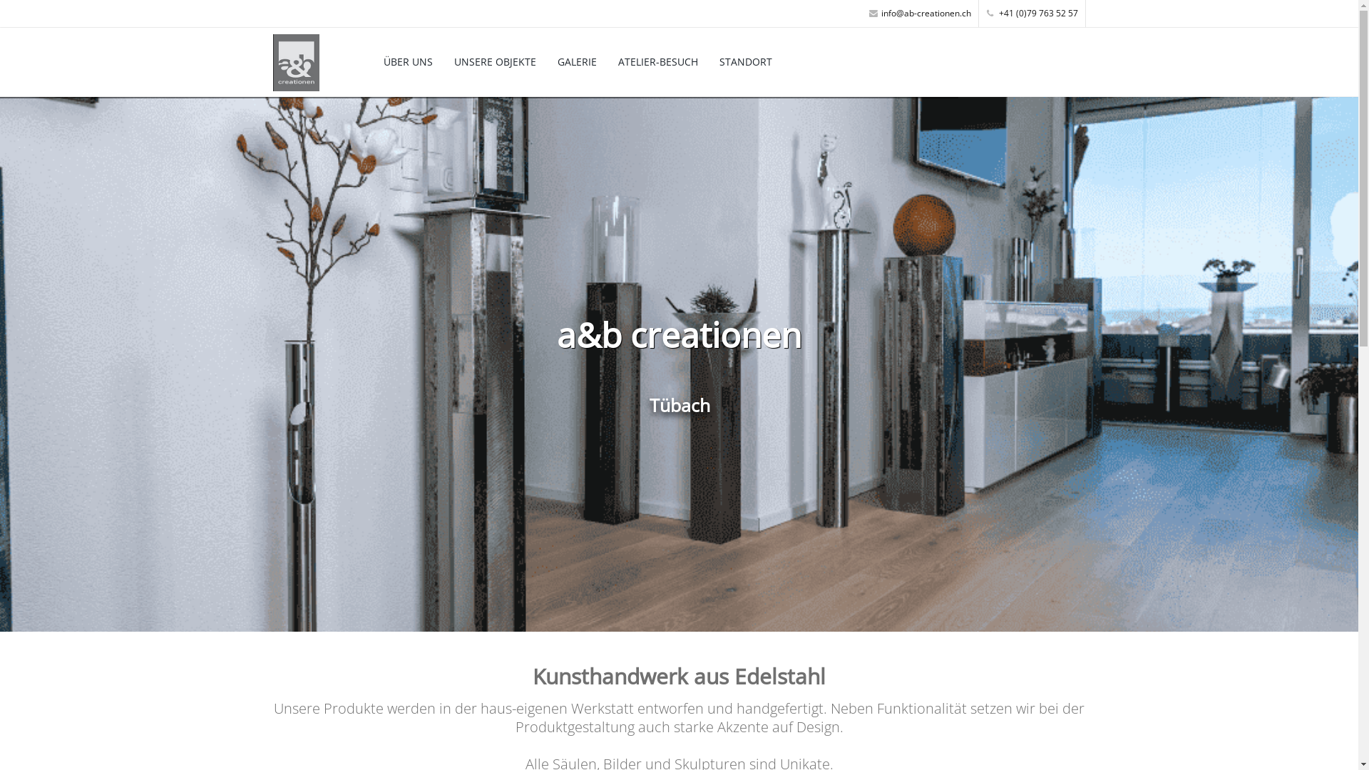 The image size is (1369, 770). I want to click on 'STANDORT', so click(745, 61).